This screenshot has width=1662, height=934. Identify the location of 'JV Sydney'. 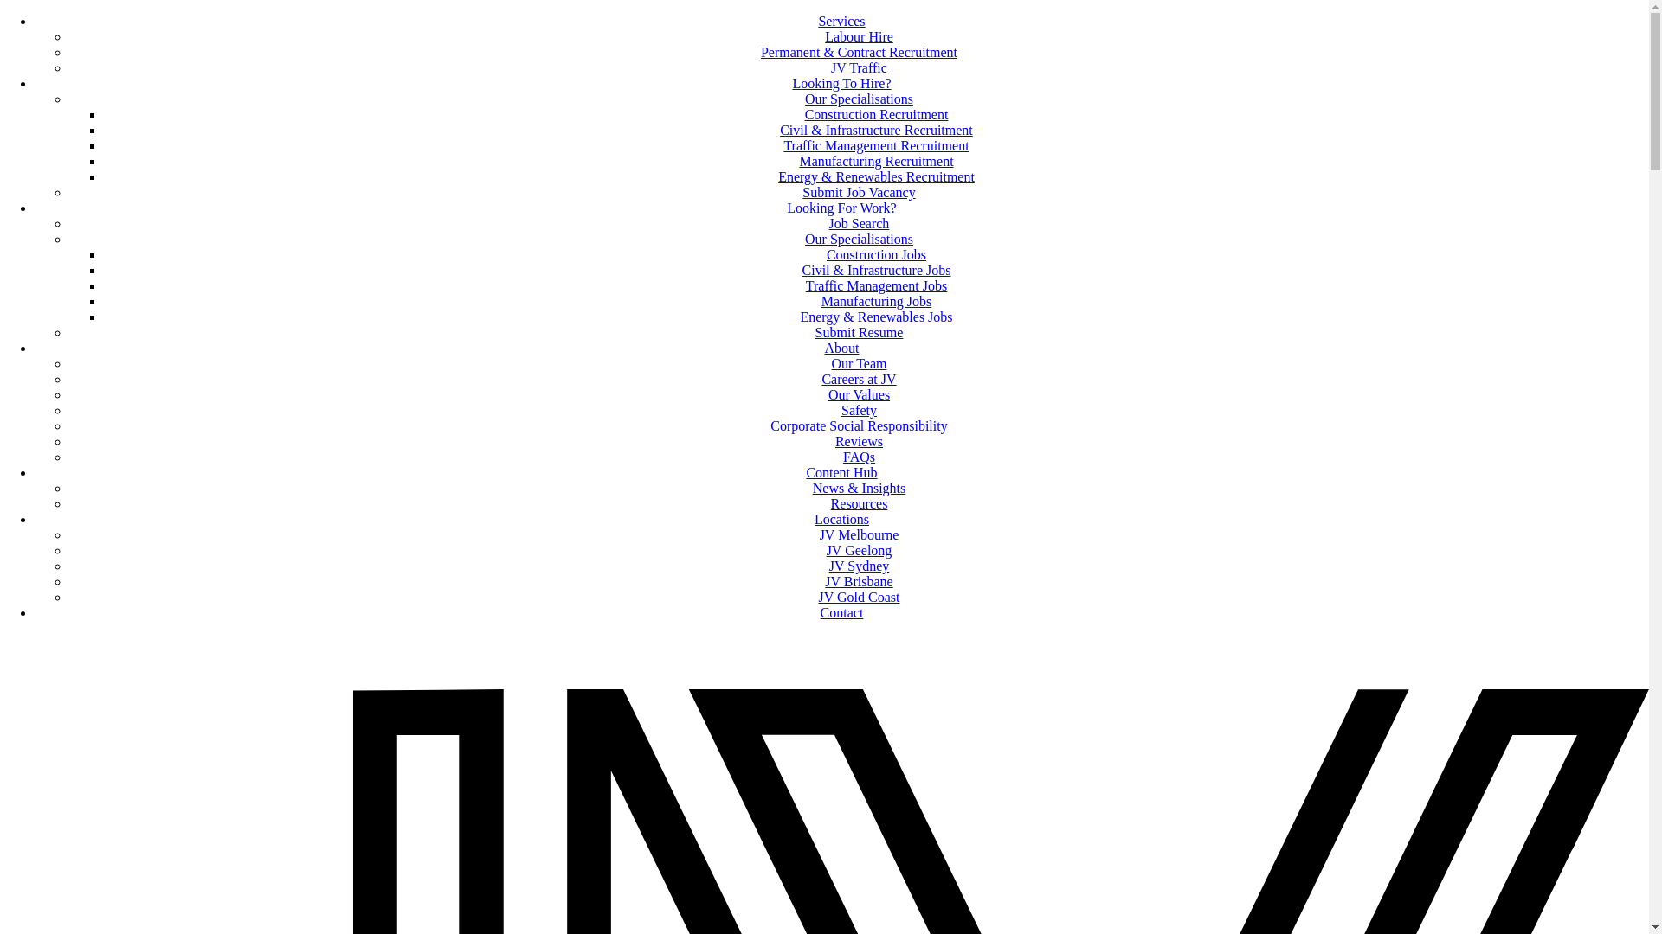
(860, 566).